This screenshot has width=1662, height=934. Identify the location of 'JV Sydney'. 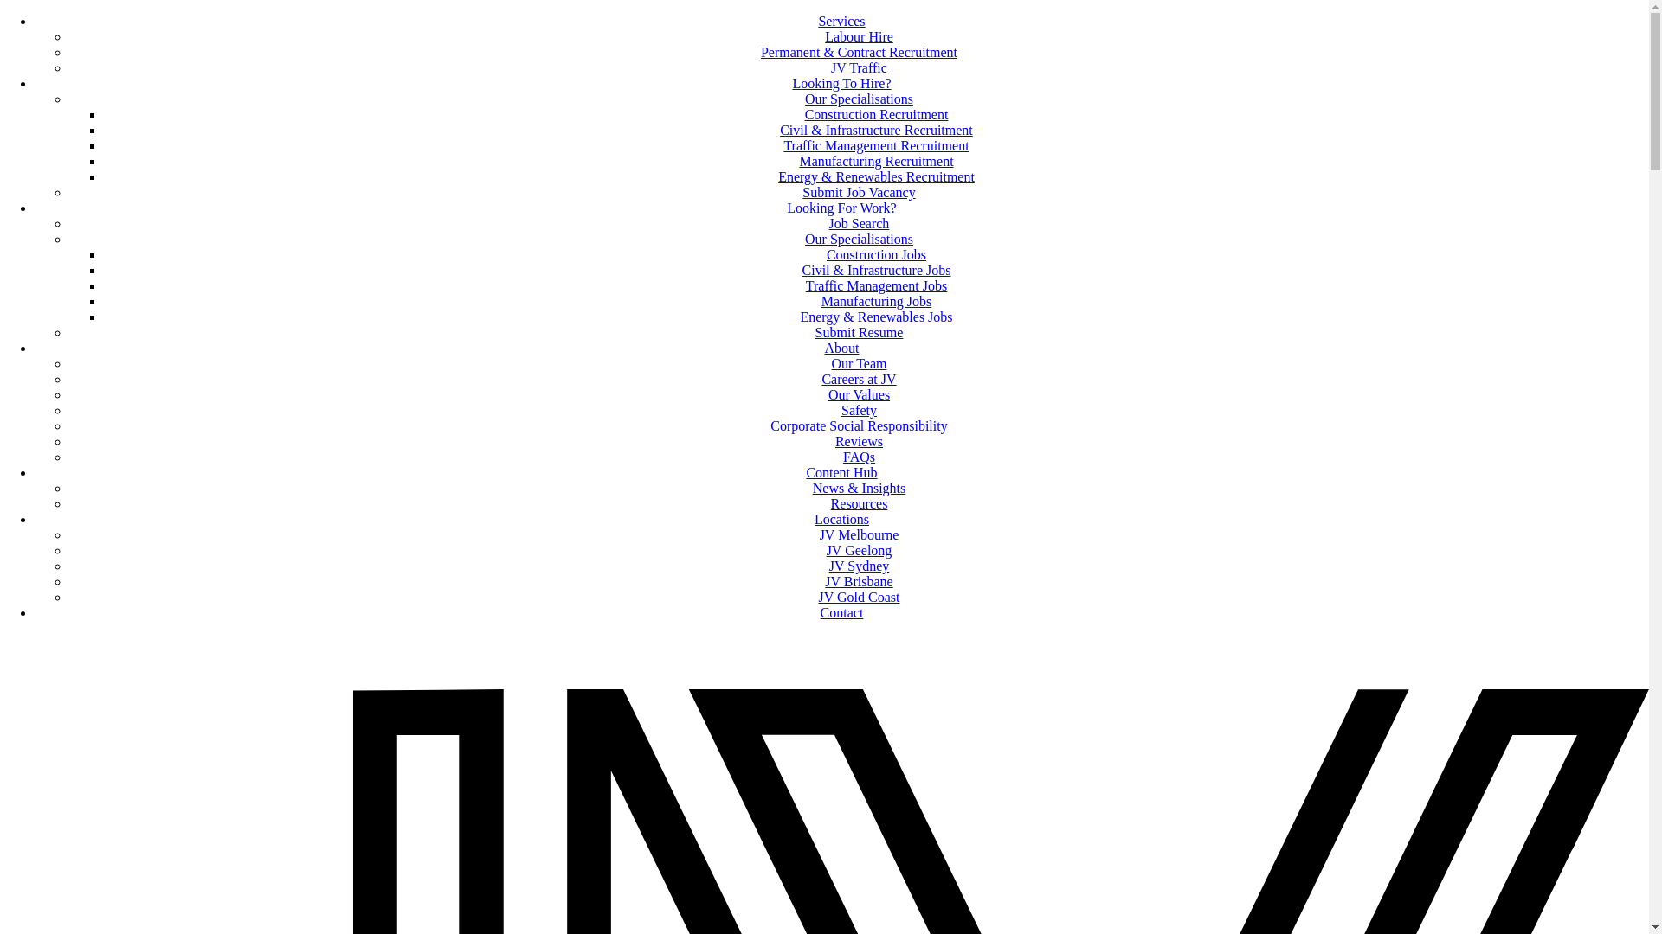
(860, 566).